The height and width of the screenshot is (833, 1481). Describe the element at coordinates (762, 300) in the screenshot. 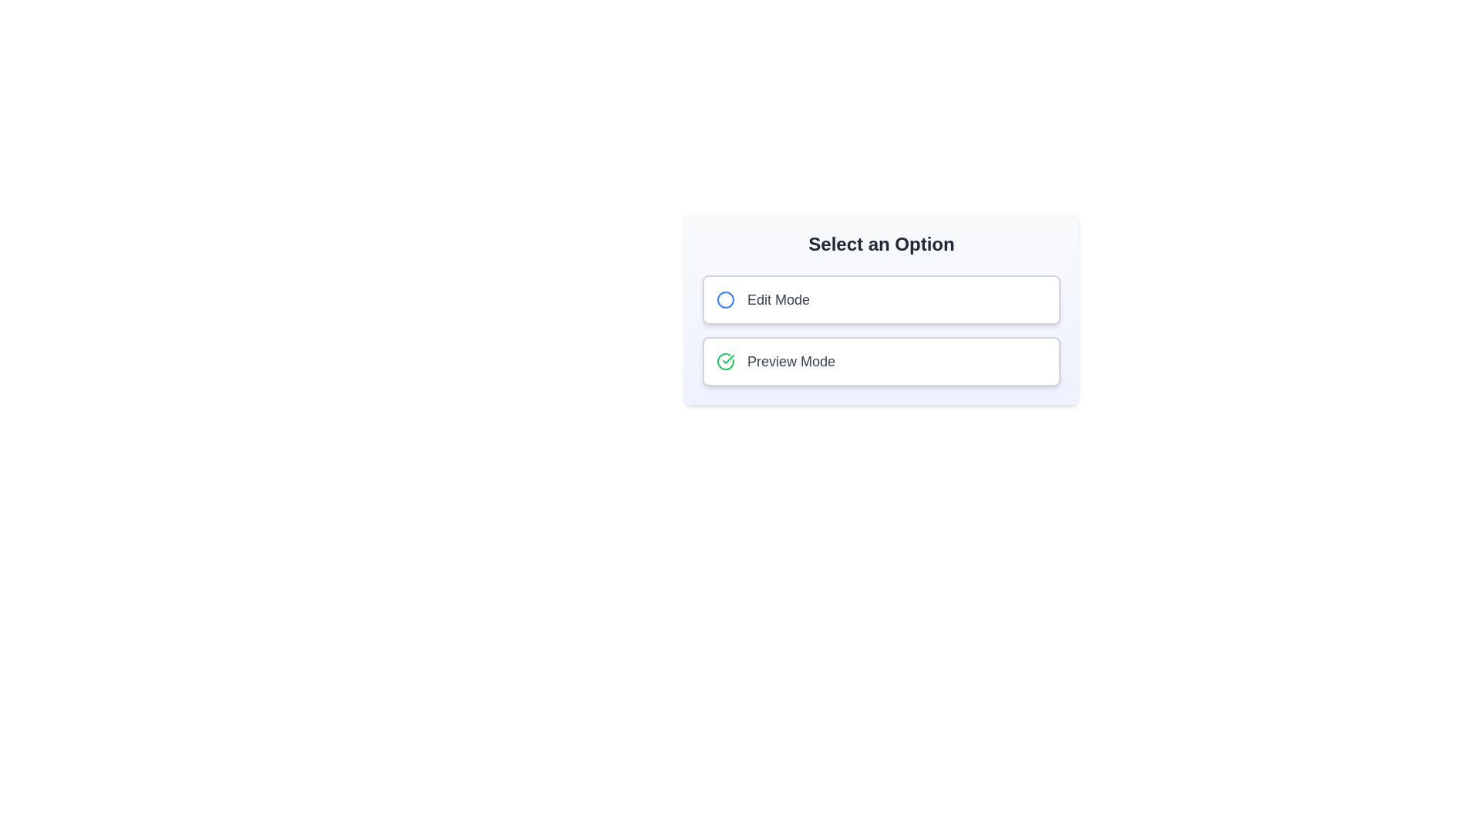

I see `the 'Edit Mode' option selector, which is the first option in a vertically stacked list, to initiate the selection process` at that location.